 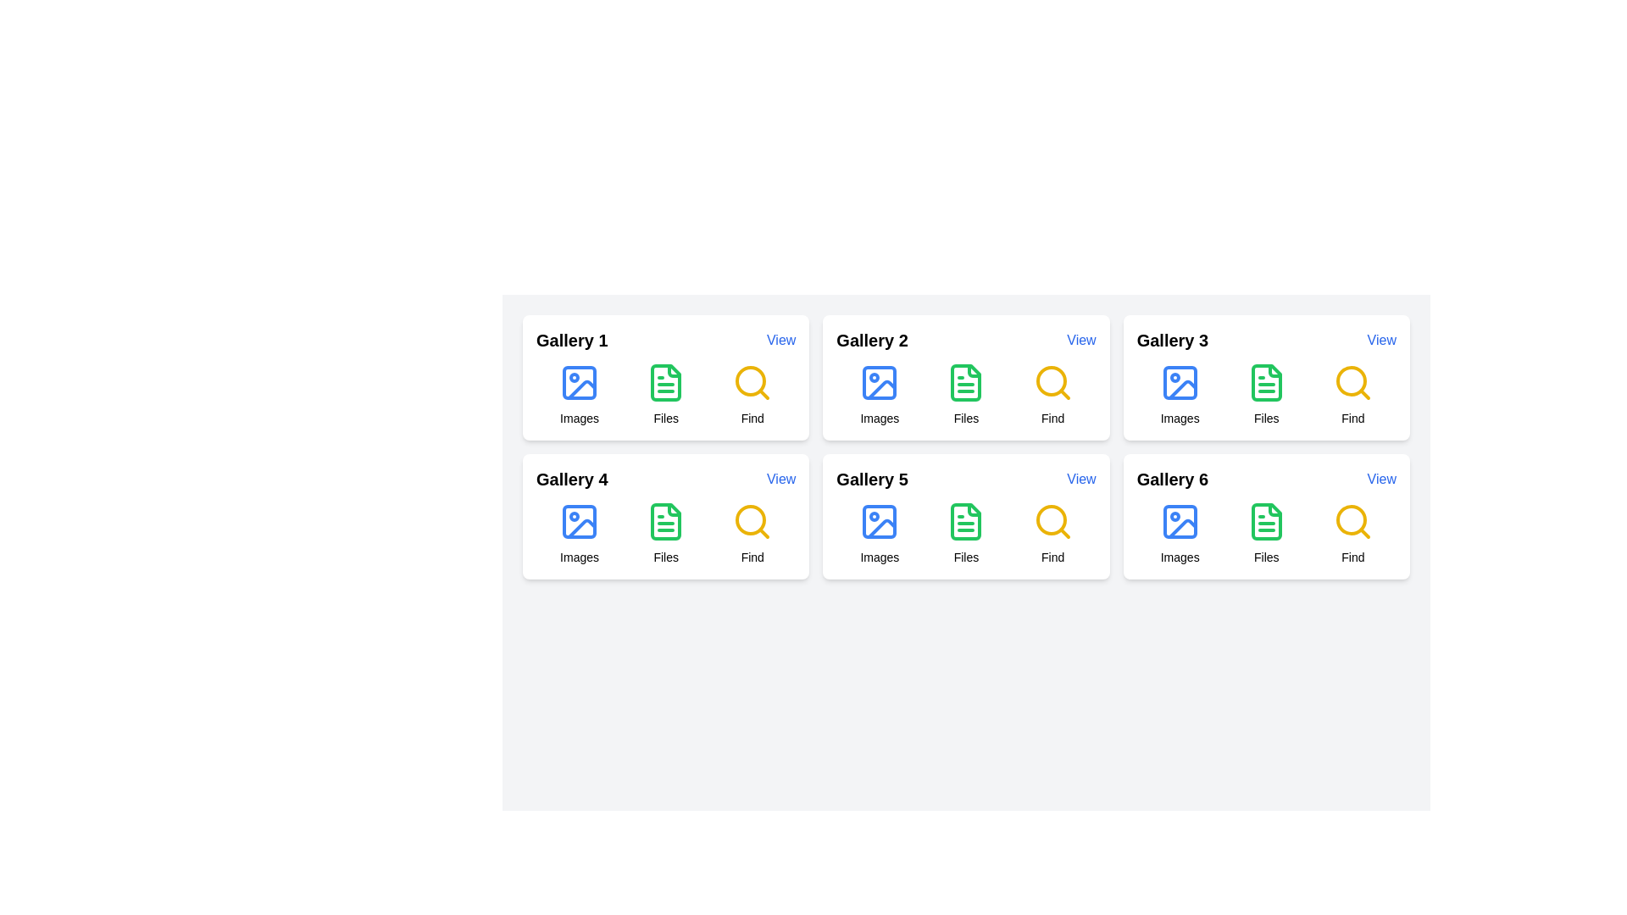 I want to click on the yellow magnifying glass icon labeled 'Find', which is the third item in its group of three elements within the second gallery card, so click(x=1052, y=395).